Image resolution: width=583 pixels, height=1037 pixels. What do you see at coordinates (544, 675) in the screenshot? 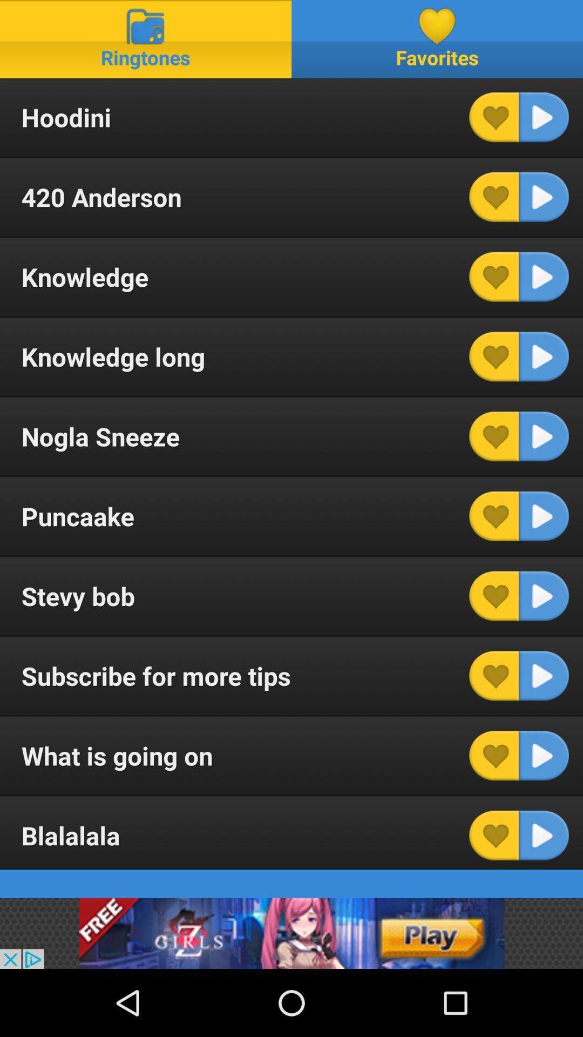
I see `play` at bounding box center [544, 675].